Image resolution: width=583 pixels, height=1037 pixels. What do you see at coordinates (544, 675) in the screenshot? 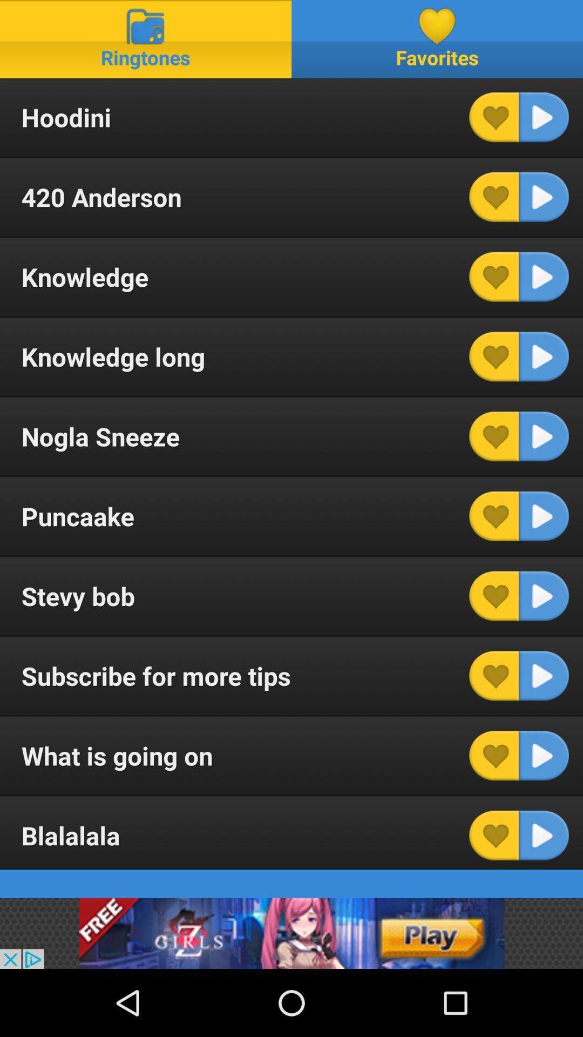
I see `play` at bounding box center [544, 675].